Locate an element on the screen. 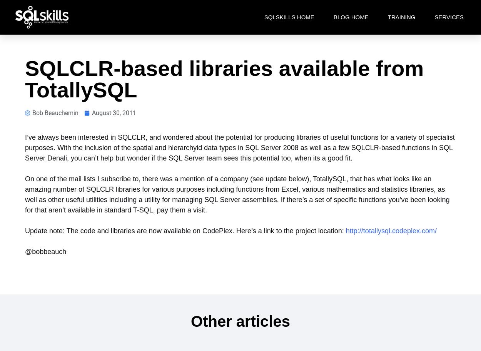 The width and height of the screenshot is (481, 351). 'I’ve always been interested in SQLCLR, and wondered about the potential for producing libraries of useful functions for a variety of specialist purposes. With the inclusion of the spatial and hierarchyid data types in SQL Server 2008 as well as a few SQLCLR-based functions in SQL Server Denali, you can’t help but wonder if the SQL Server team sees this potential too, when its a good fit.' is located at coordinates (239, 148).